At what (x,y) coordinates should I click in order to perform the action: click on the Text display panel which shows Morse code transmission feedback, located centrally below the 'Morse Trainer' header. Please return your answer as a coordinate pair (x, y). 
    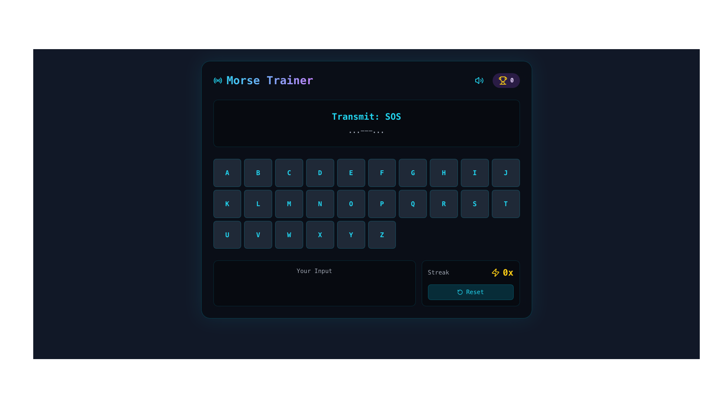
    Looking at the image, I should click on (366, 123).